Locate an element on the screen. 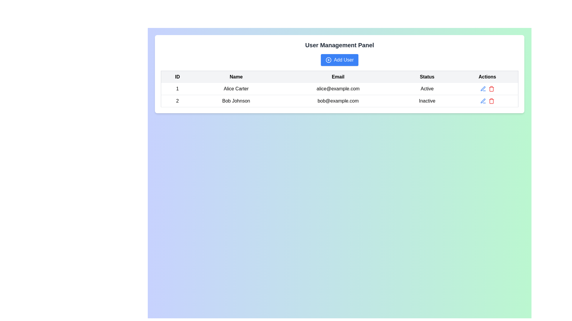 This screenshot has width=572, height=321. the 'edit' icon located on the rightmost side of the row for 'Bob Johnson' in the 'Actions' column is located at coordinates (483, 89).